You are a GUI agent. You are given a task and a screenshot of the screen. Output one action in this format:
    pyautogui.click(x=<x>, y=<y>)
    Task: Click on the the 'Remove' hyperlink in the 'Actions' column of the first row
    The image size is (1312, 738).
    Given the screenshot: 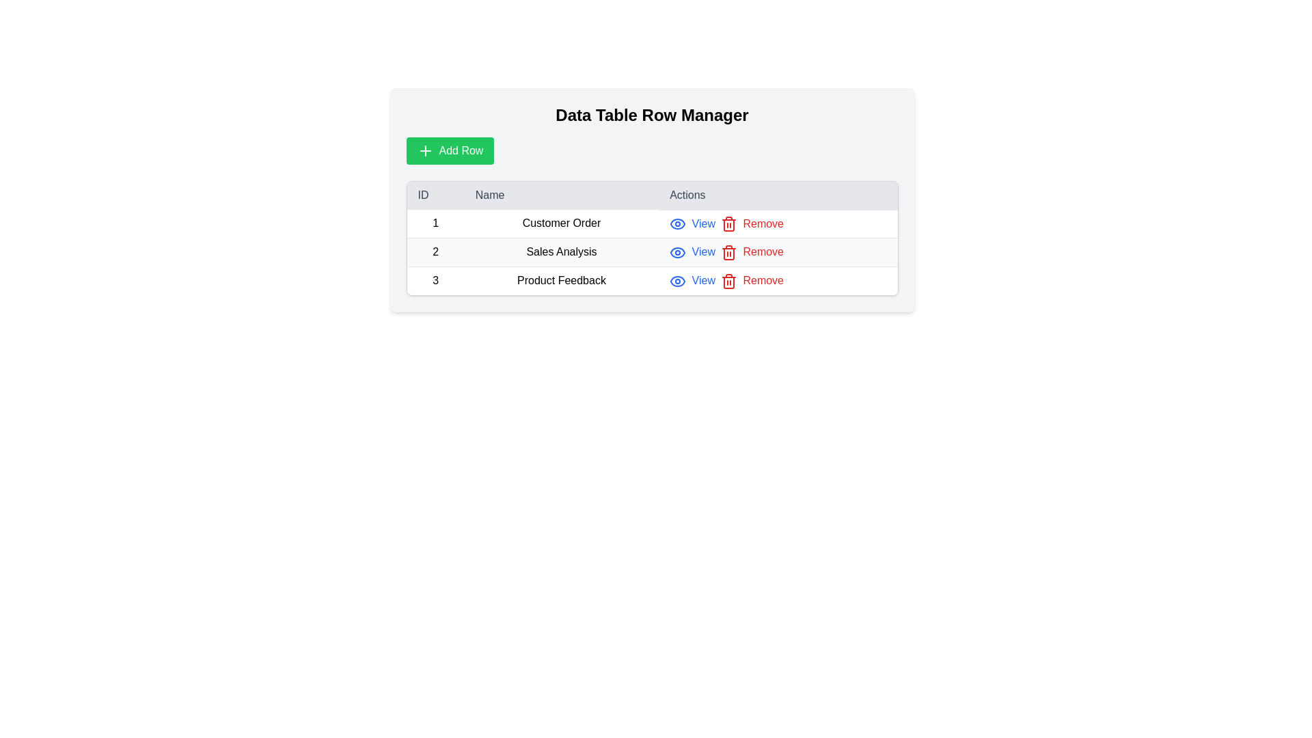 What is the action you would take?
    pyautogui.click(x=751, y=223)
    